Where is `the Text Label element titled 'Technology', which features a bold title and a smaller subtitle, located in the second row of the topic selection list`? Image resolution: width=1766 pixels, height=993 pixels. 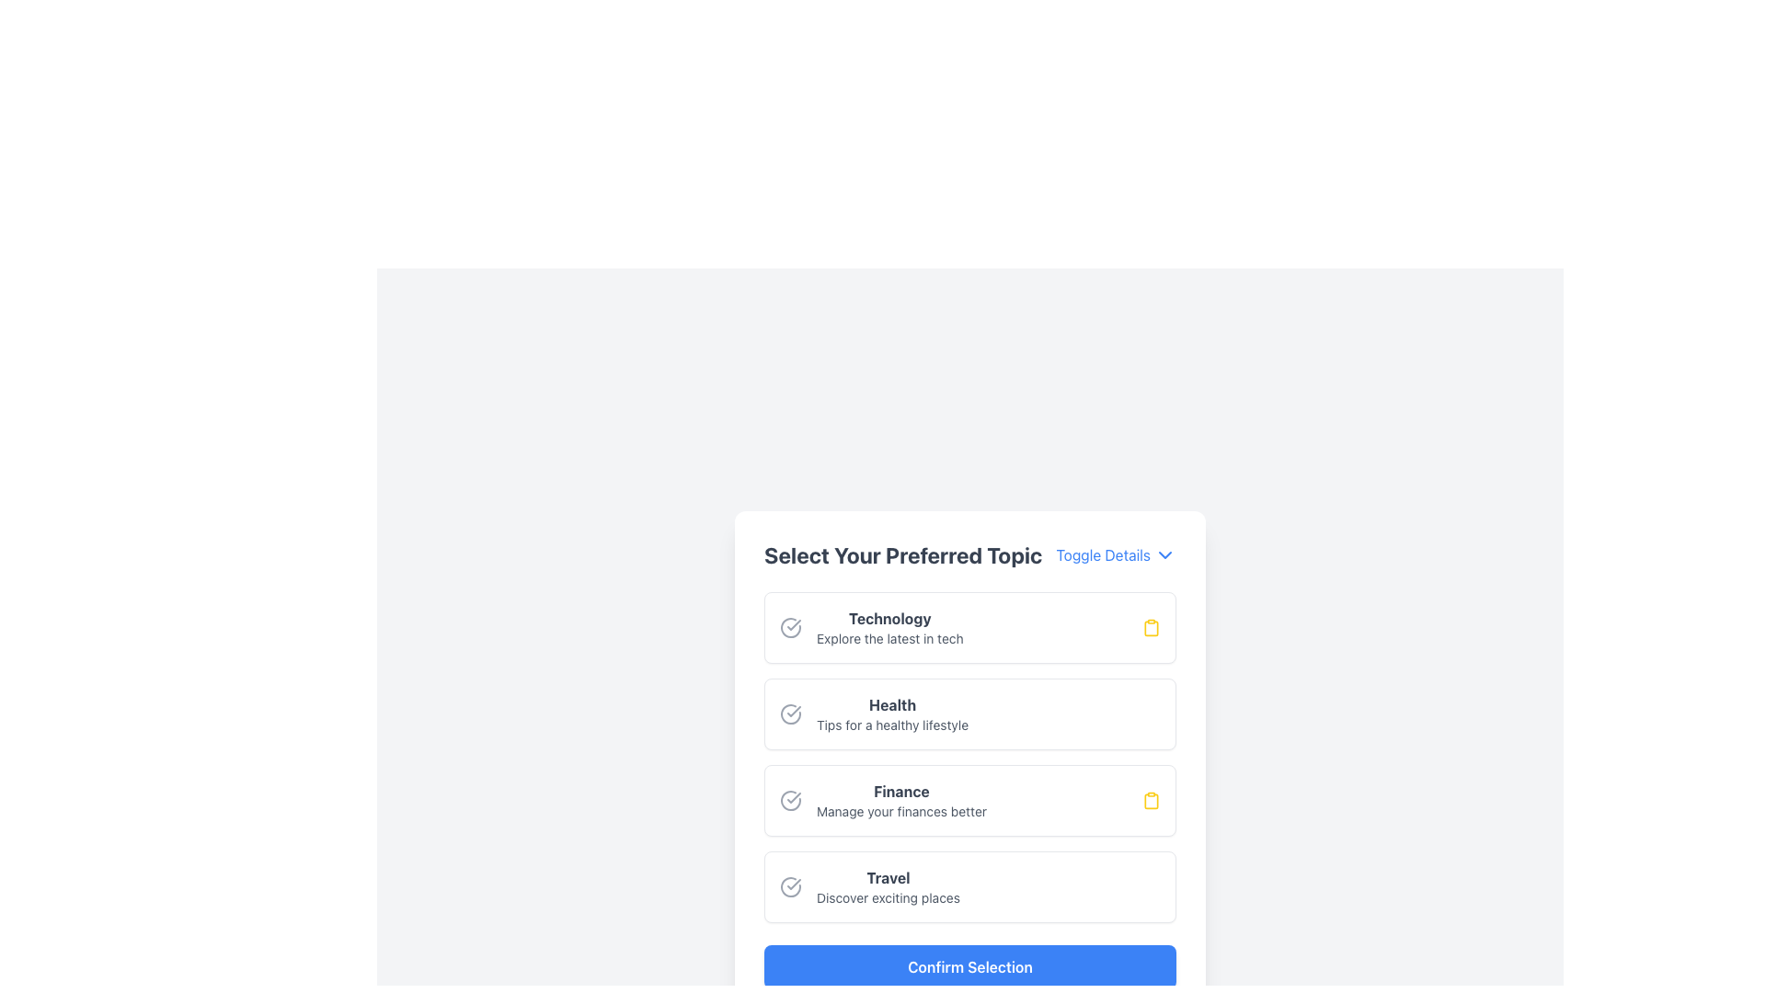 the Text Label element titled 'Technology', which features a bold title and a smaller subtitle, located in the second row of the topic selection list is located at coordinates (889, 626).